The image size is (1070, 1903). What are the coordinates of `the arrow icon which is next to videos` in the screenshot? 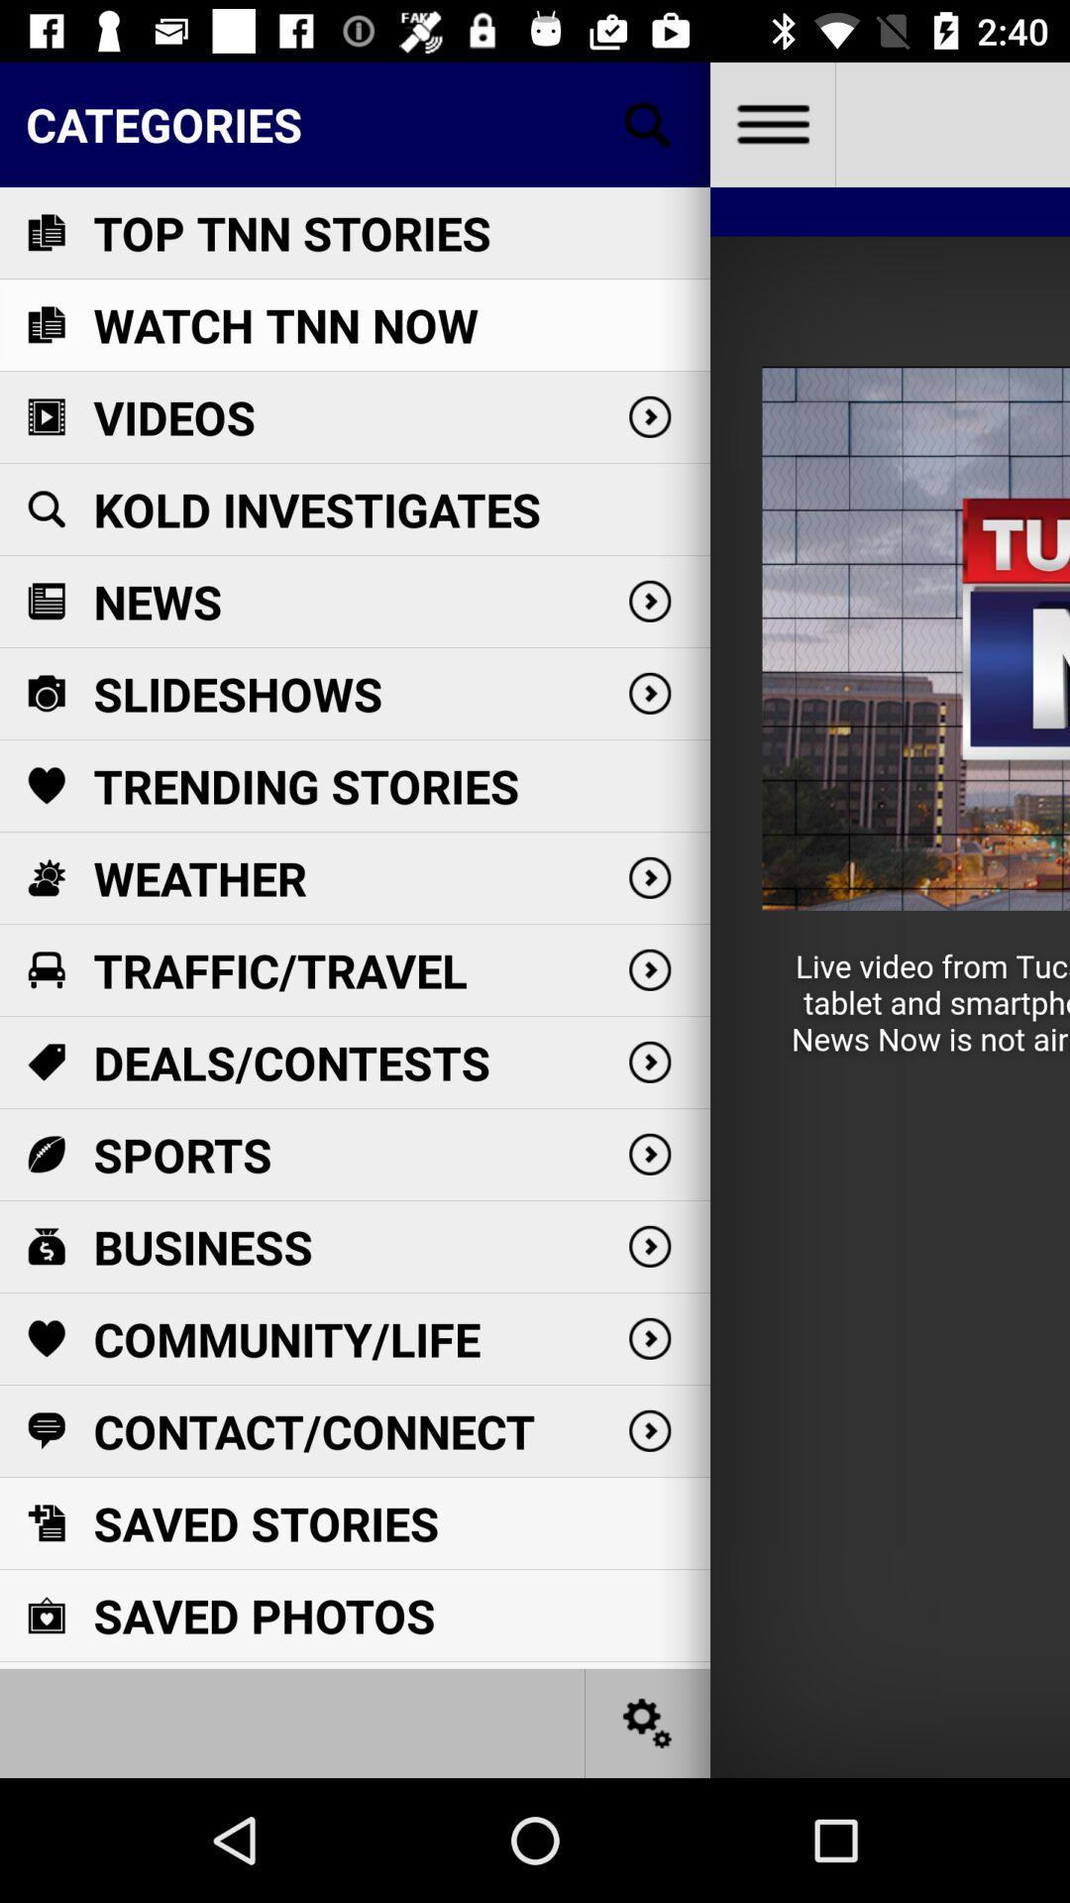 It's located at (649, 416).